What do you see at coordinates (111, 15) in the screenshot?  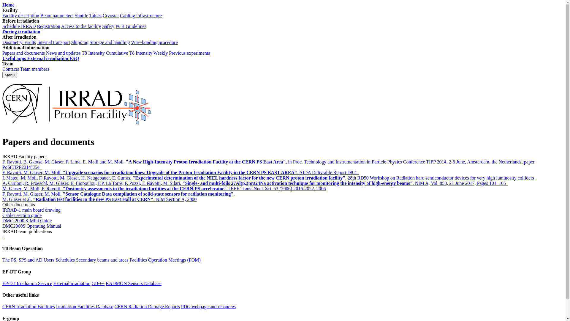 I see `'Cryostat'` at bounding box center [111, 15].